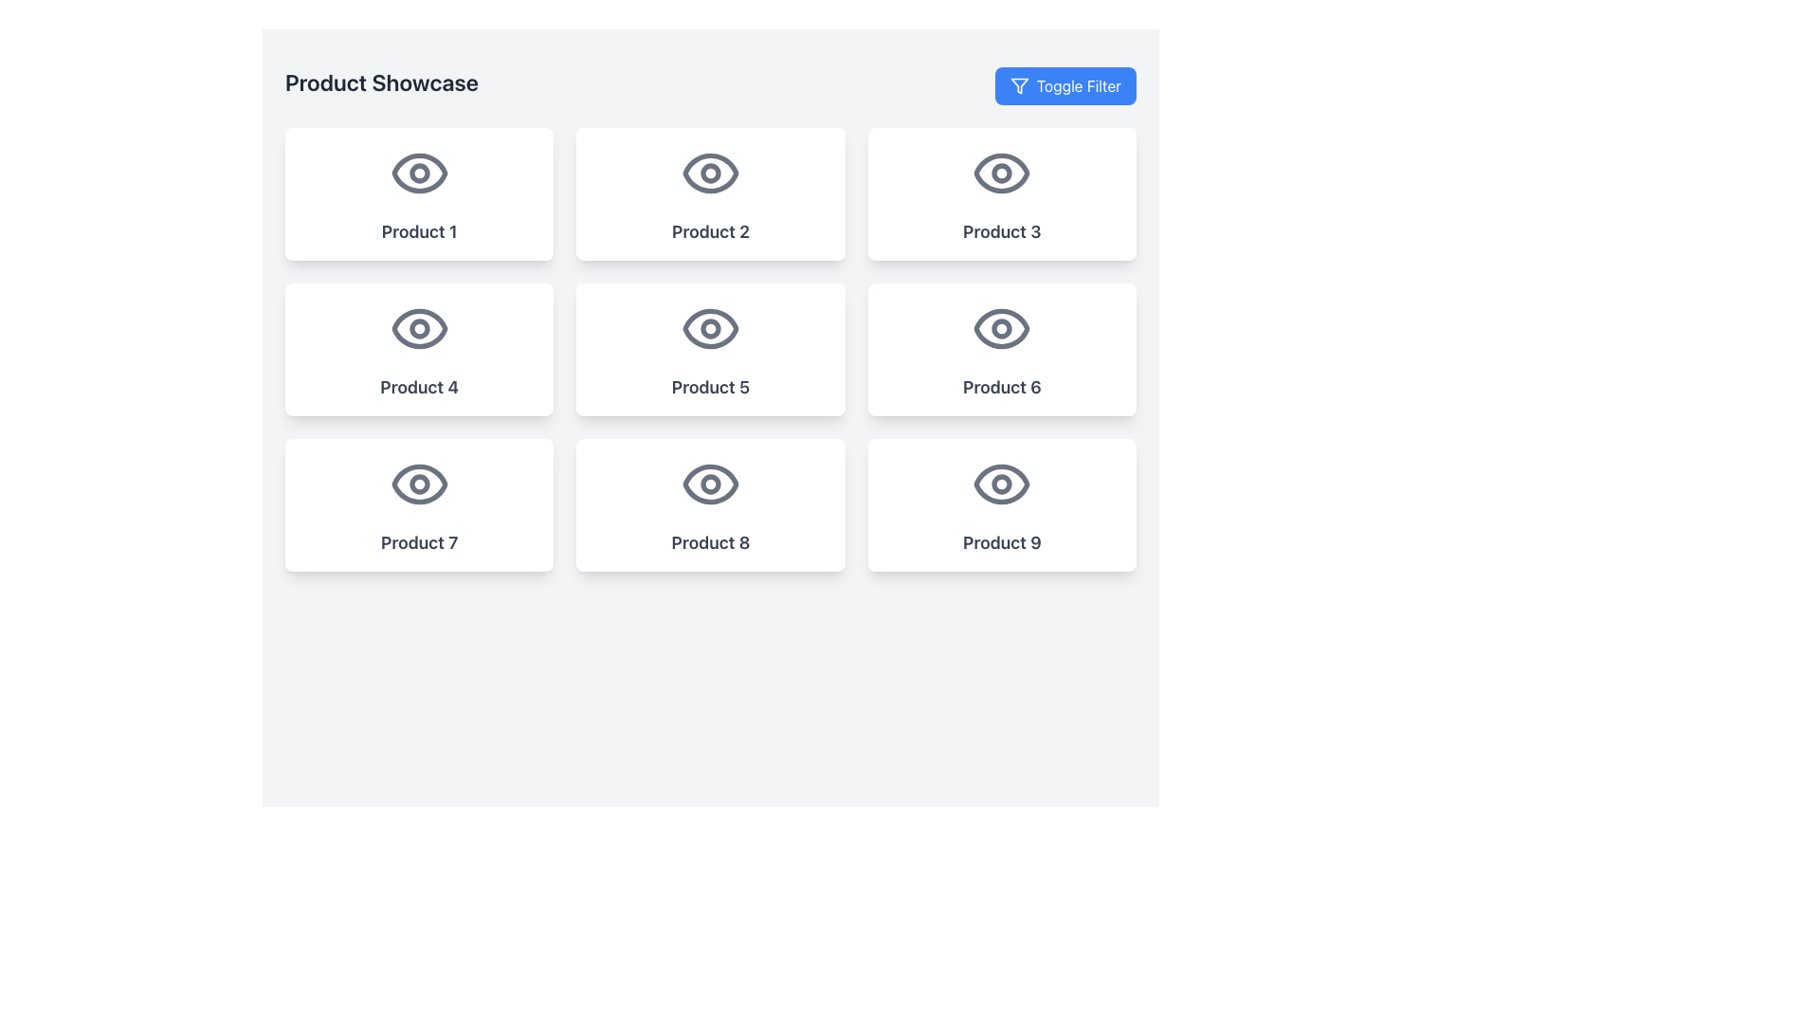  I want to click on the central circular part of the eye icon, which is the pupil area, located under the 'Product Showcase' heading in the top-left area of the grid layout, so click(418, 173).